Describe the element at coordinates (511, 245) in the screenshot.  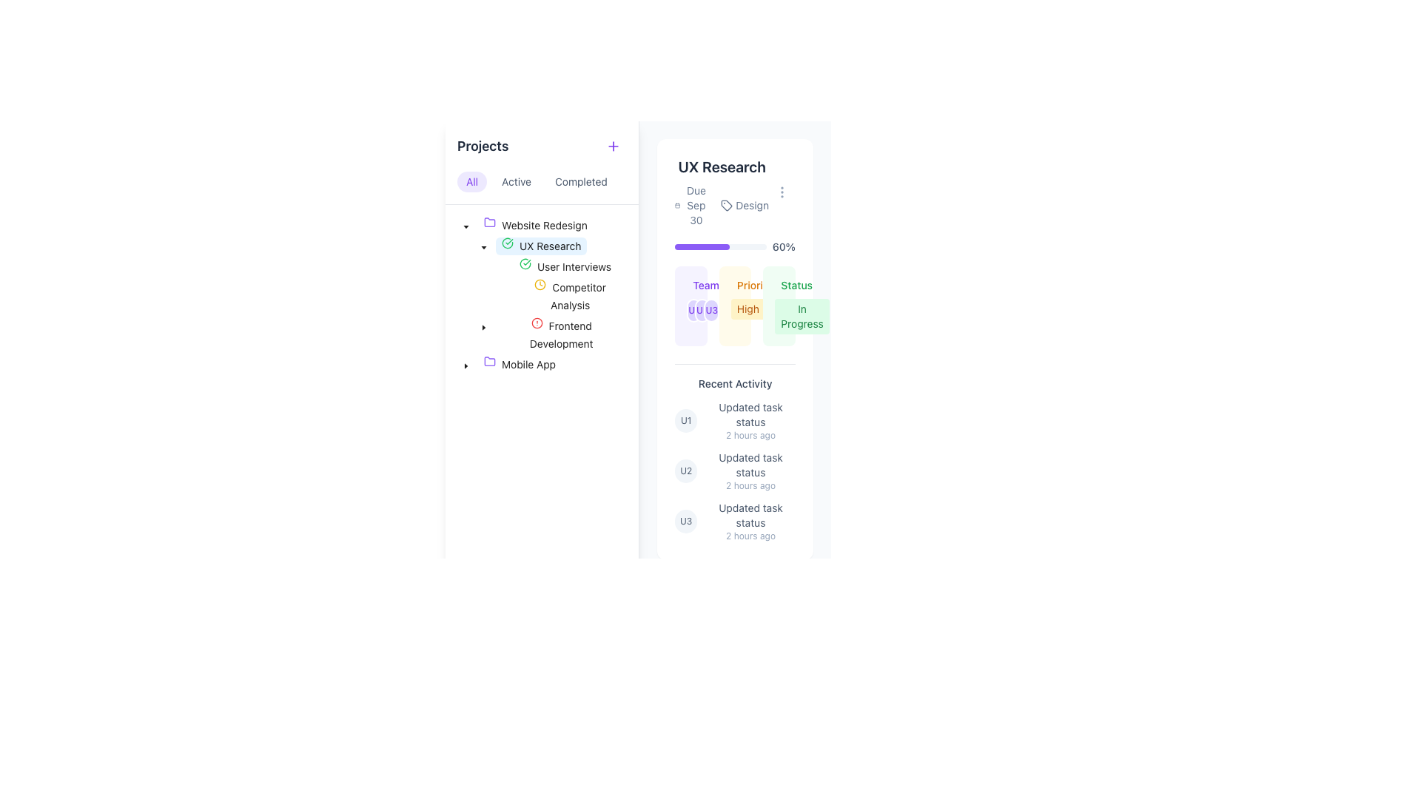
I see `green circular check icon with a tick mark, located to the left of the 'UX Research' text in the tree structure under the 'Website Redesign' project` at that location.